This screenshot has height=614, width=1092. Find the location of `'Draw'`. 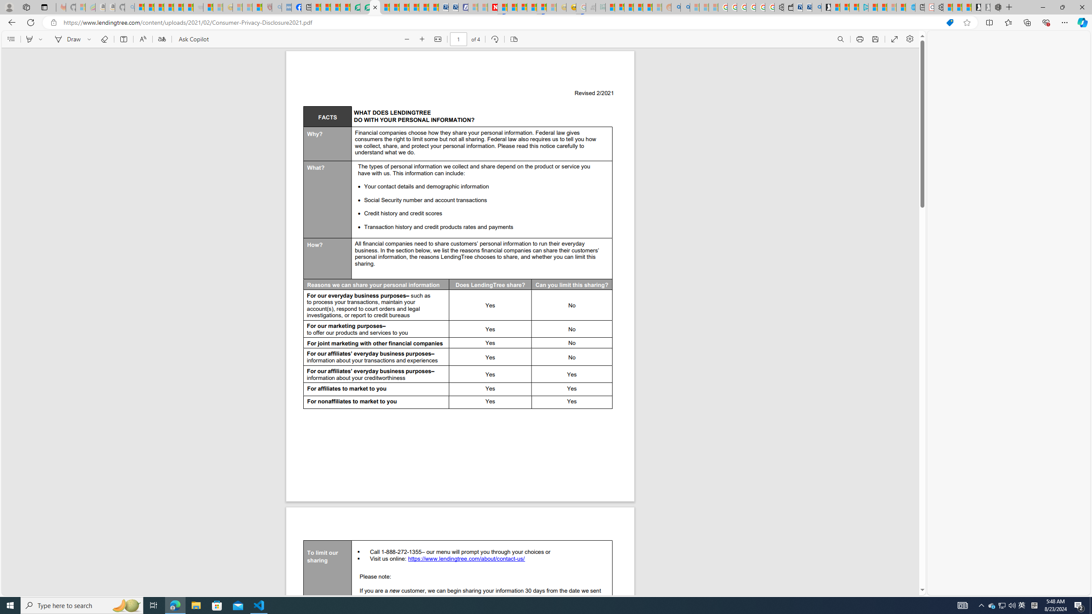

'Draw' is located at coordinates (66, 39).